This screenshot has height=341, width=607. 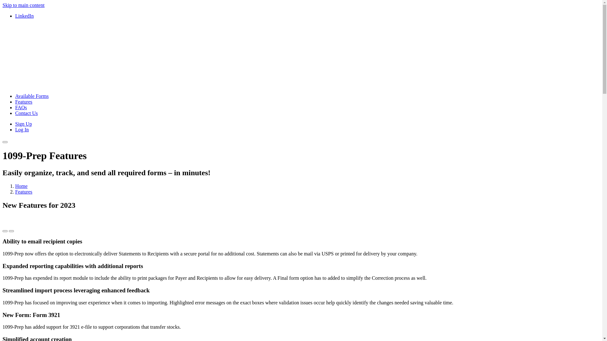 I want to click on 'Features', so click(x=15, y=191).